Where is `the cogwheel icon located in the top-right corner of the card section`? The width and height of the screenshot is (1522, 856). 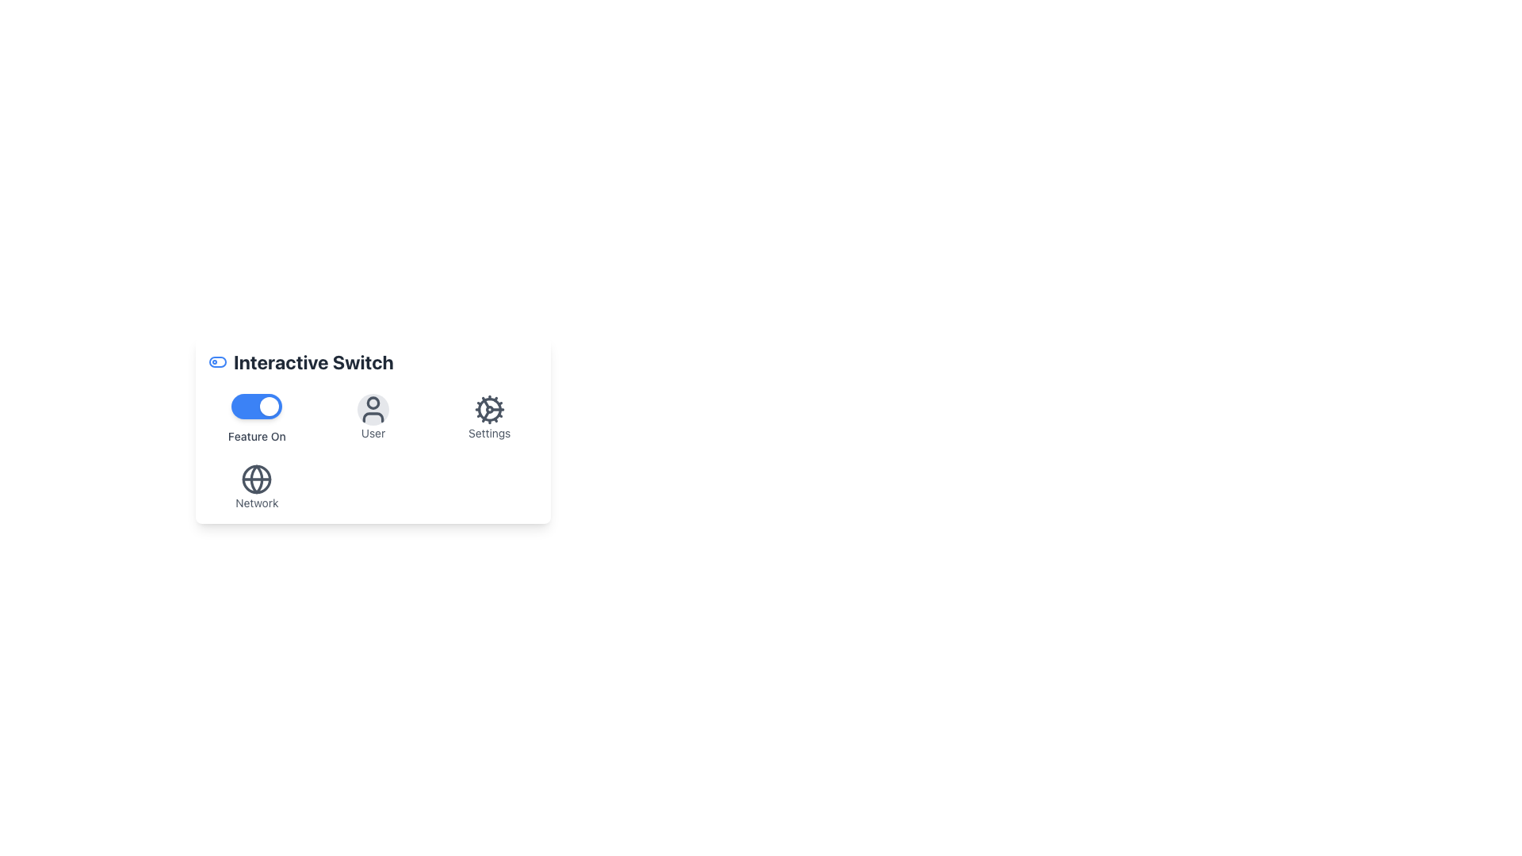
the cogwheel icon located in the top-right corner of the card section is located at coordinates (488, 408).